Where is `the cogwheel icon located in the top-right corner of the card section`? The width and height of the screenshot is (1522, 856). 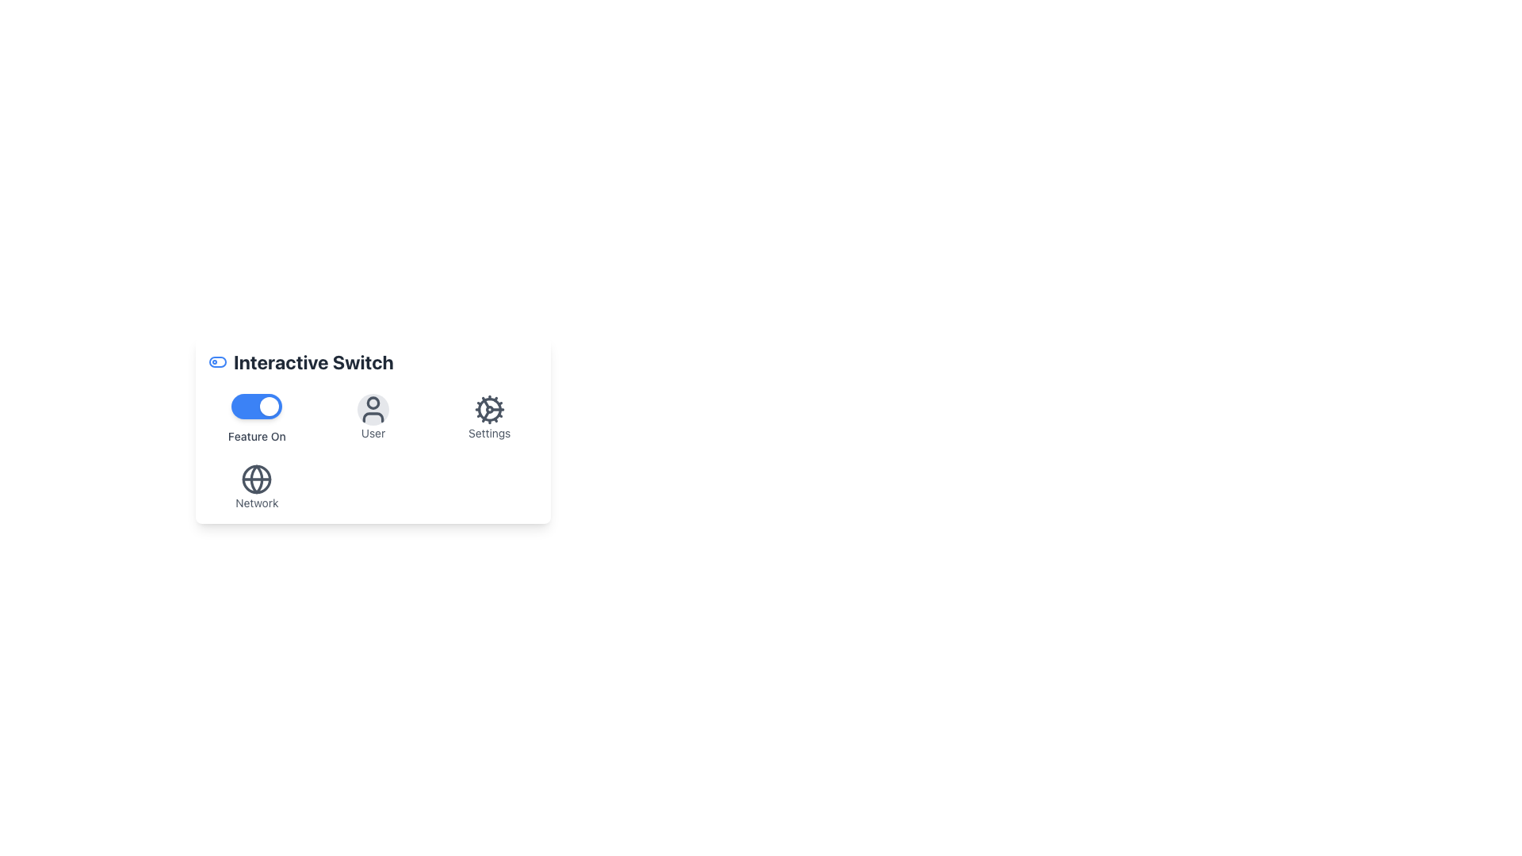
the cogwheel icon located in the top-right corner of the card section is located at coordinates (488, 408).